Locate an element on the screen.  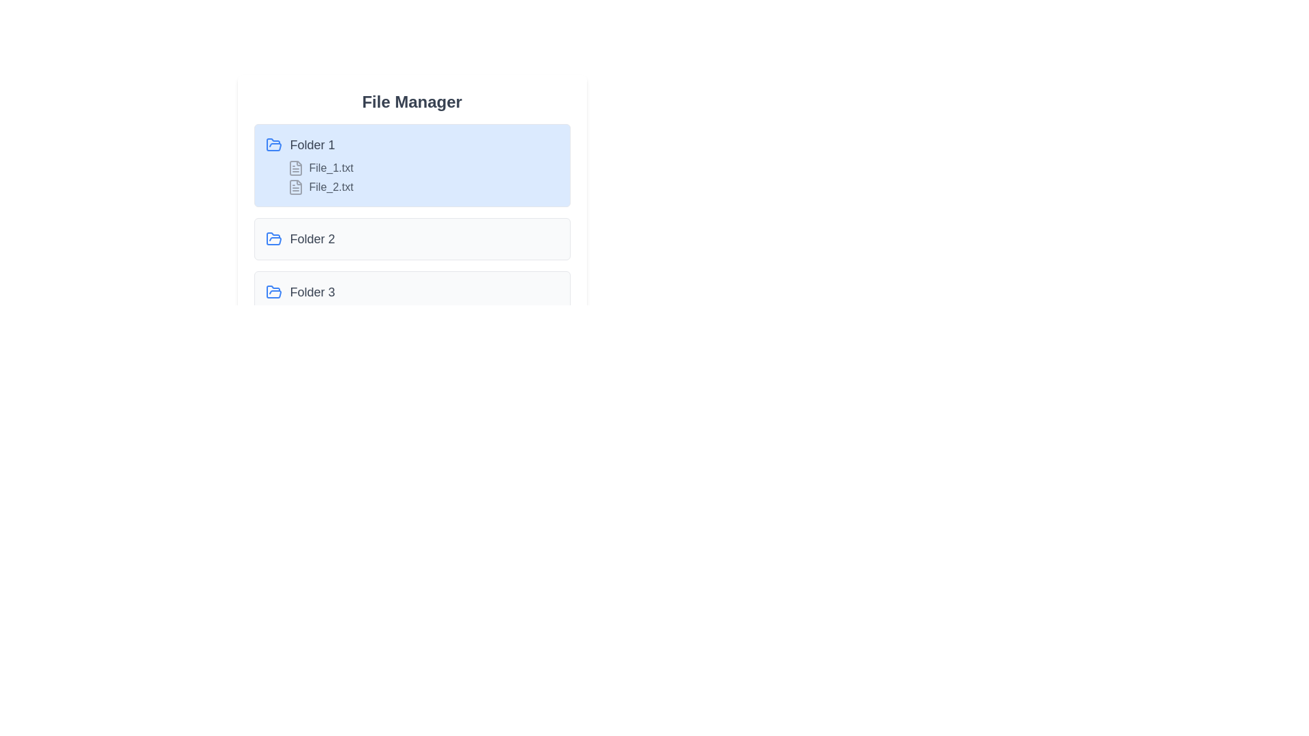
the file icon representing 'File_1.txt' is located at coordinates (295, 167).